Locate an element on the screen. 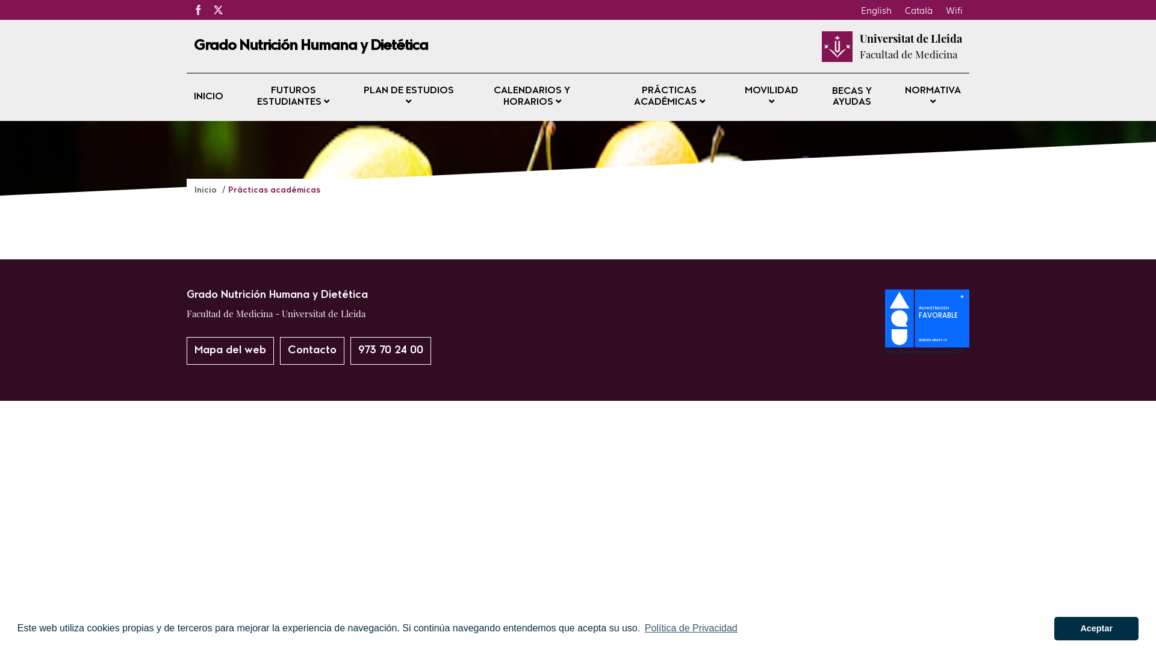  'INICIO' is located at coordinates (208, 97).